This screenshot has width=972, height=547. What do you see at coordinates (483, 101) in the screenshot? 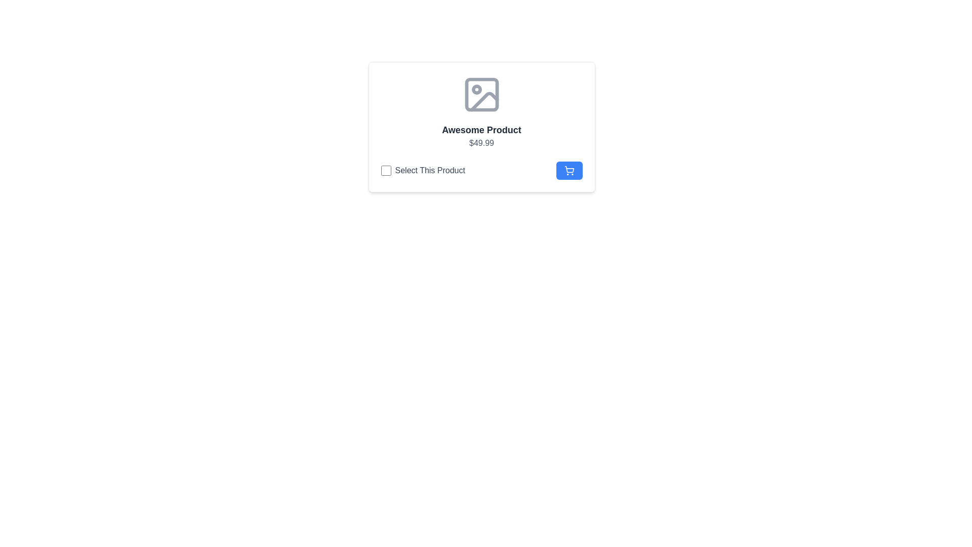
I see `the decorative graphic element depicting a triangular mountain within the gray icon located at the top center of the card` at bounding box center [483, 101].